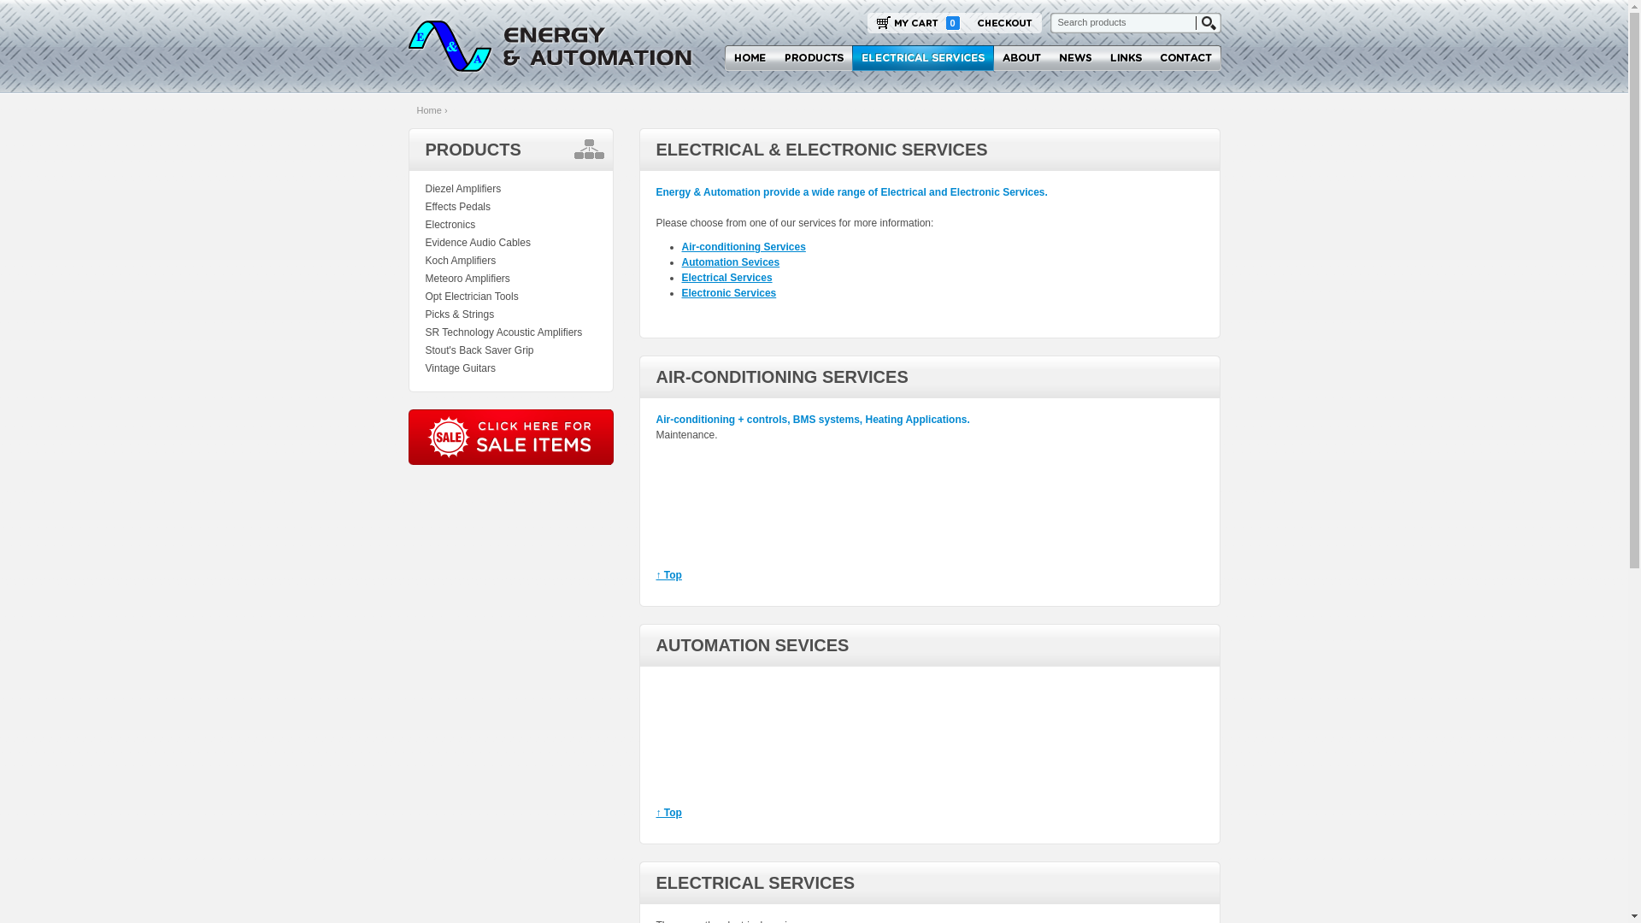 The image size is (1641, 923). I want to click on 'Picks & Strings', so click(420, 315).